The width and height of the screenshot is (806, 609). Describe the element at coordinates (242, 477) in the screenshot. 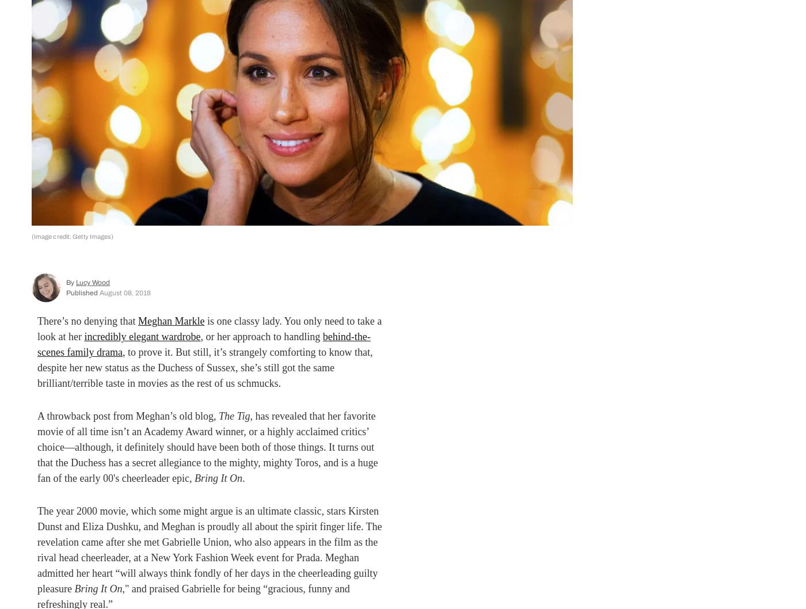

I see `'.'` at that location.